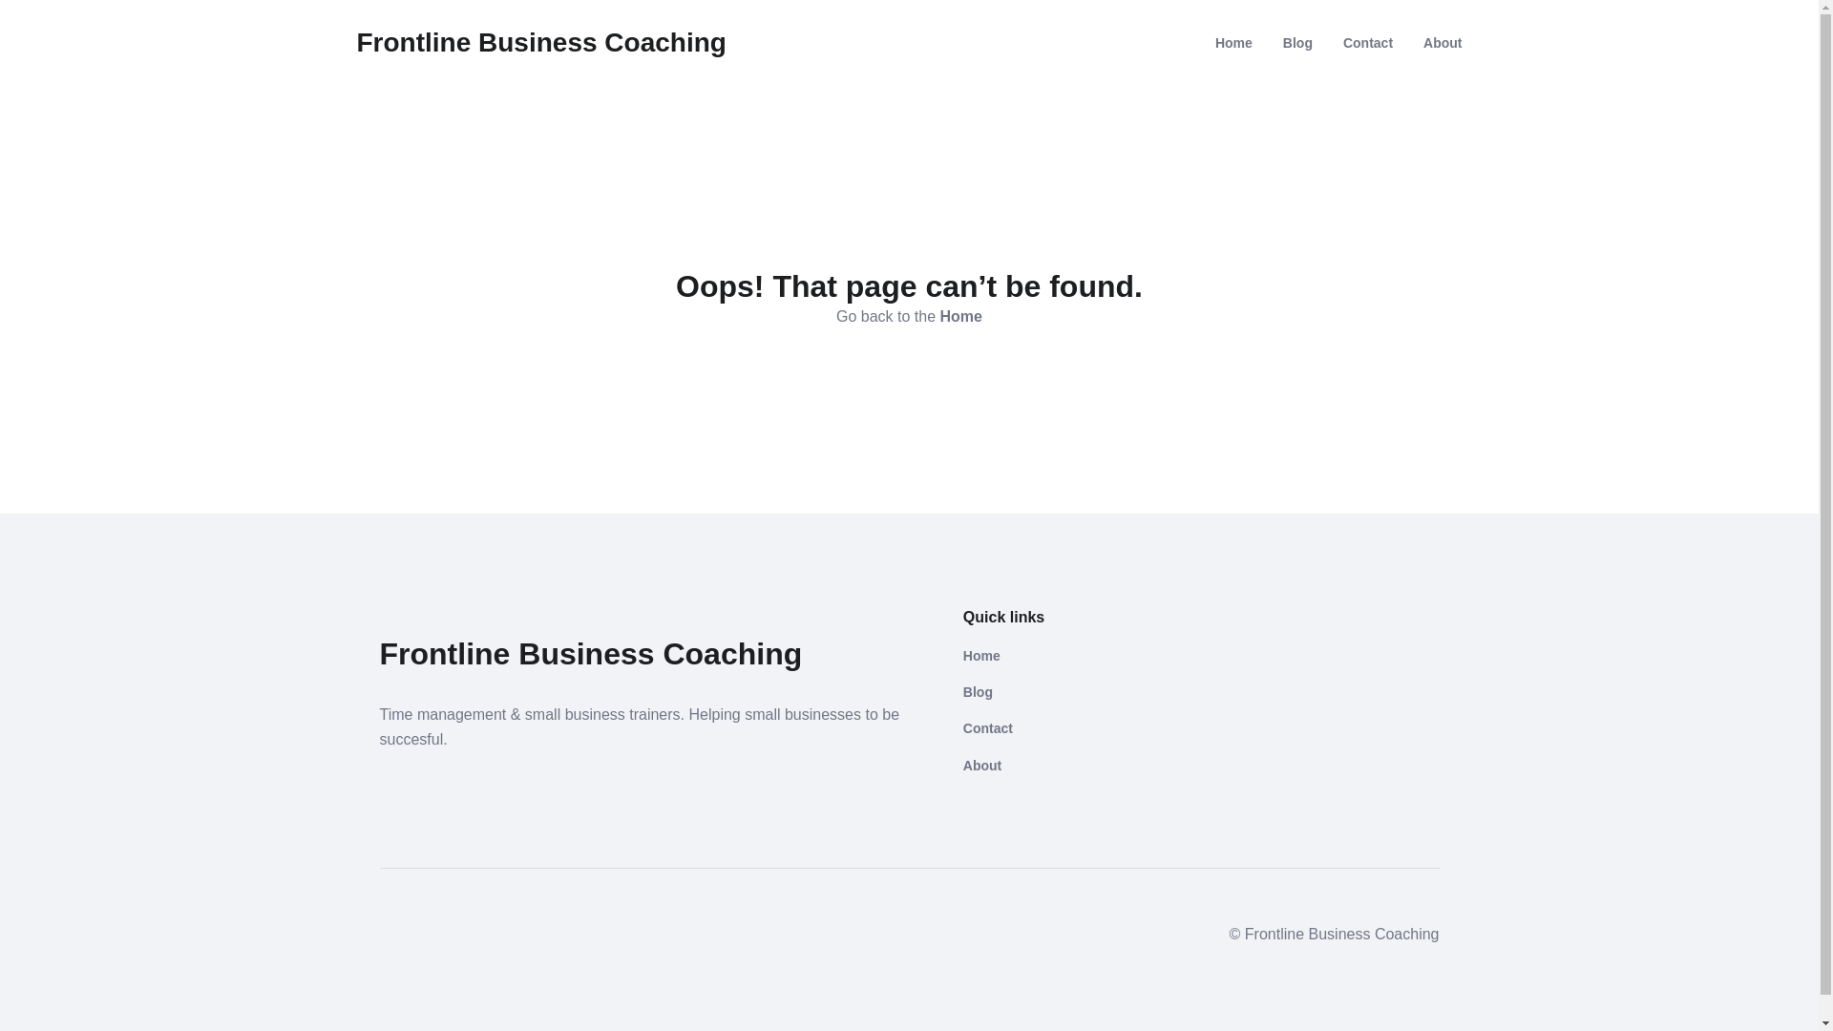  I want to click on 'Contact', so click(1367, 43).